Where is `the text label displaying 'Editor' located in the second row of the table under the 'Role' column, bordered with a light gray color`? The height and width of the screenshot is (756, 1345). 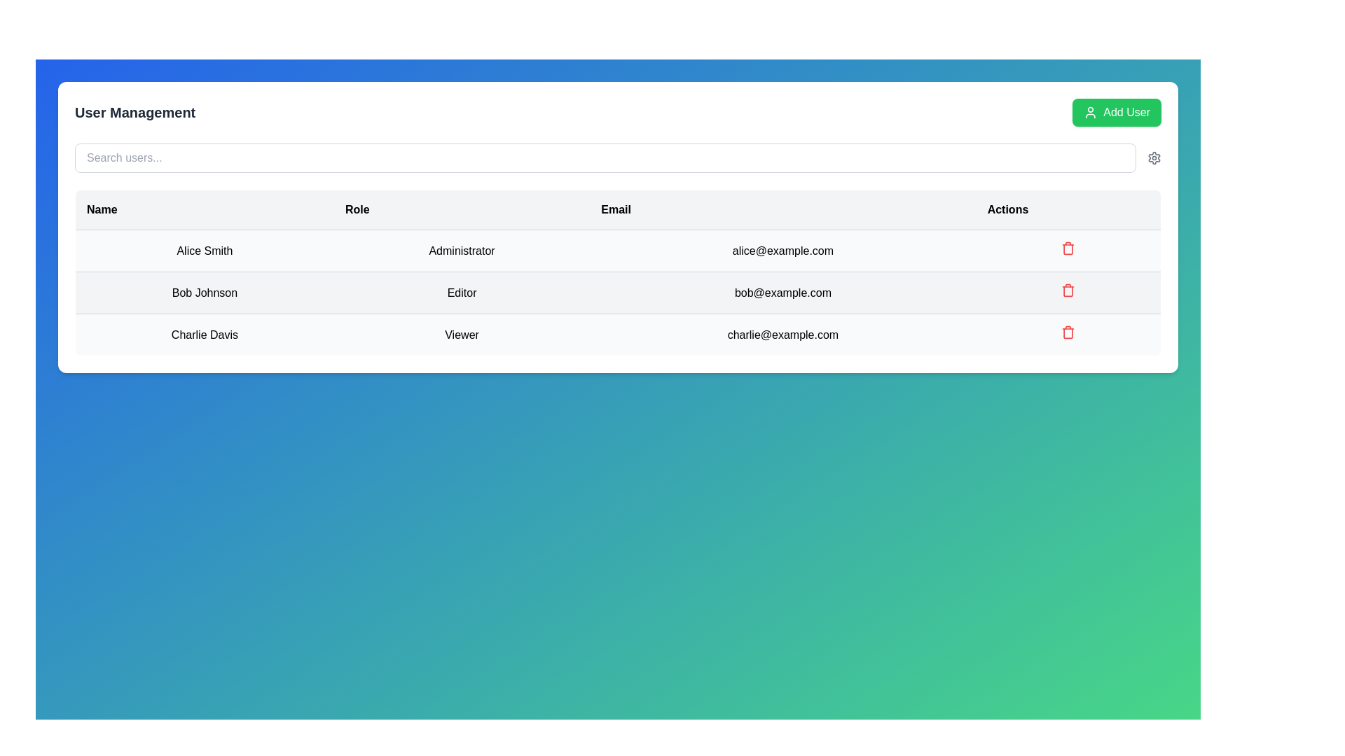
the text label displaying 'Editor' located in the second row of the table under the 'Role' column, bordered with a light gray color is located at coordinates (462, 292).